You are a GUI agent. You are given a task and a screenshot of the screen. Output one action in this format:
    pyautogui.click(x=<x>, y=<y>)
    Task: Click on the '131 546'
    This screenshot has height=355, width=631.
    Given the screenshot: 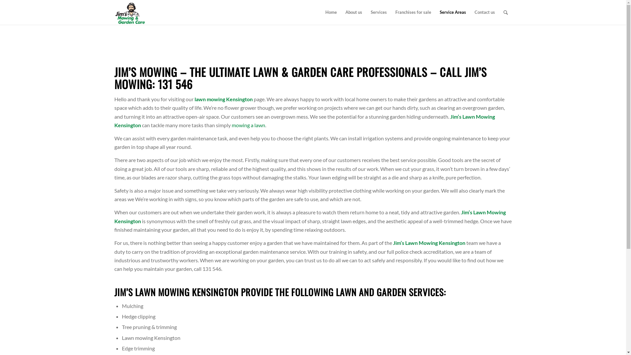 What is the action you would take?
    pyautogui.click(x=175, y=83)
    